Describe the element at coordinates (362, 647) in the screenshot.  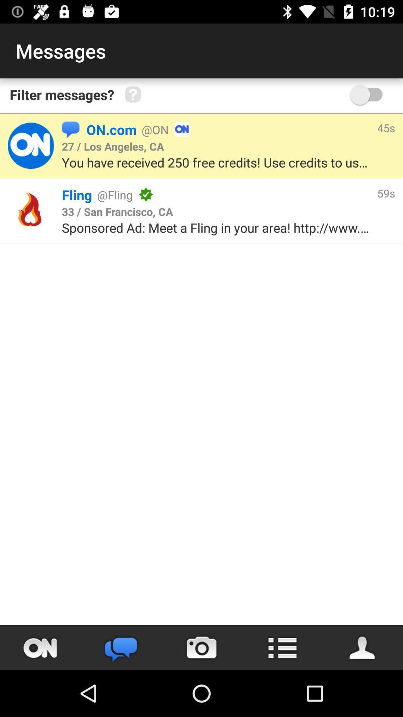
I see `the avatar icon` at that location.